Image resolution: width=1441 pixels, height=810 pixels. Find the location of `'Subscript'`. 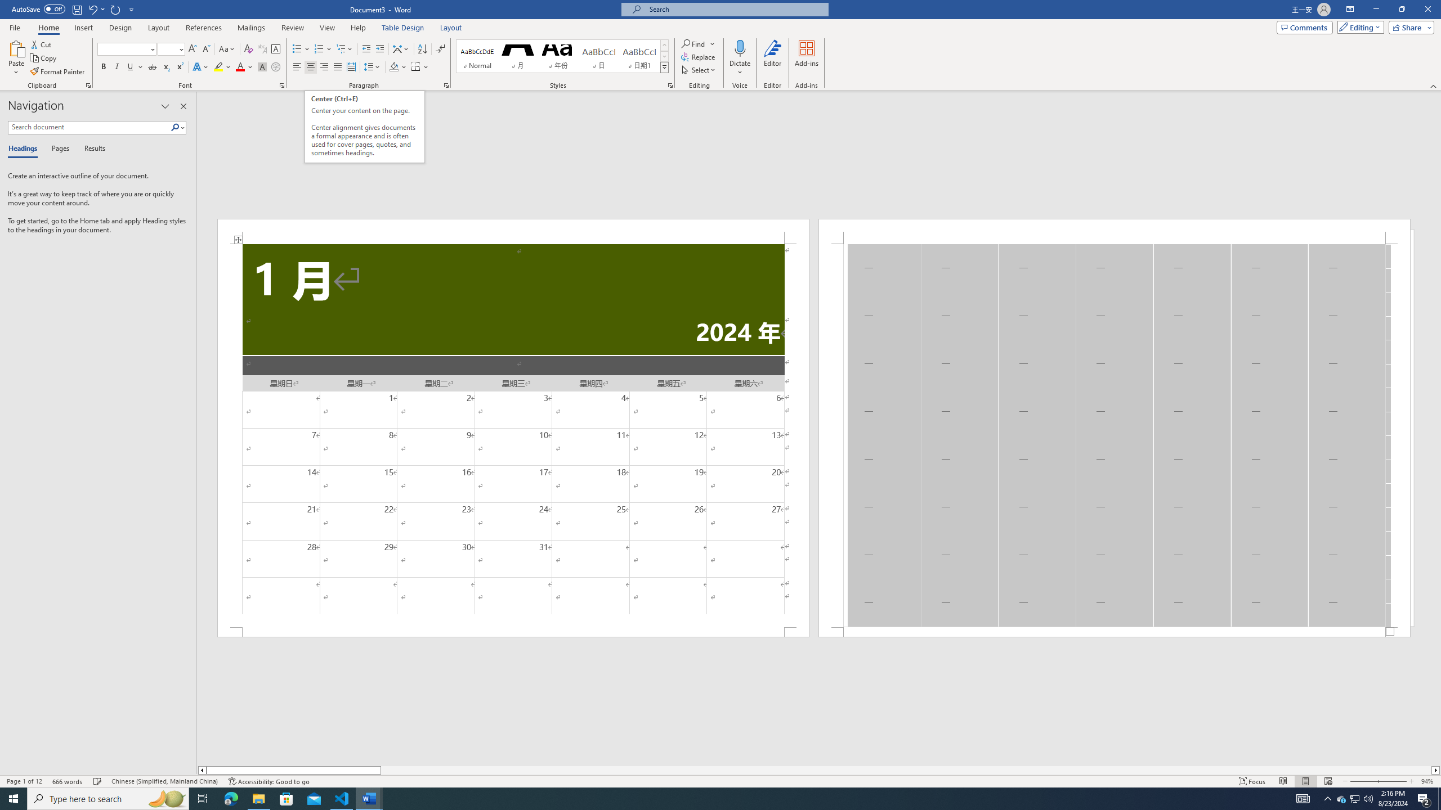

'Subscript' is located at coordinates (165, 66).